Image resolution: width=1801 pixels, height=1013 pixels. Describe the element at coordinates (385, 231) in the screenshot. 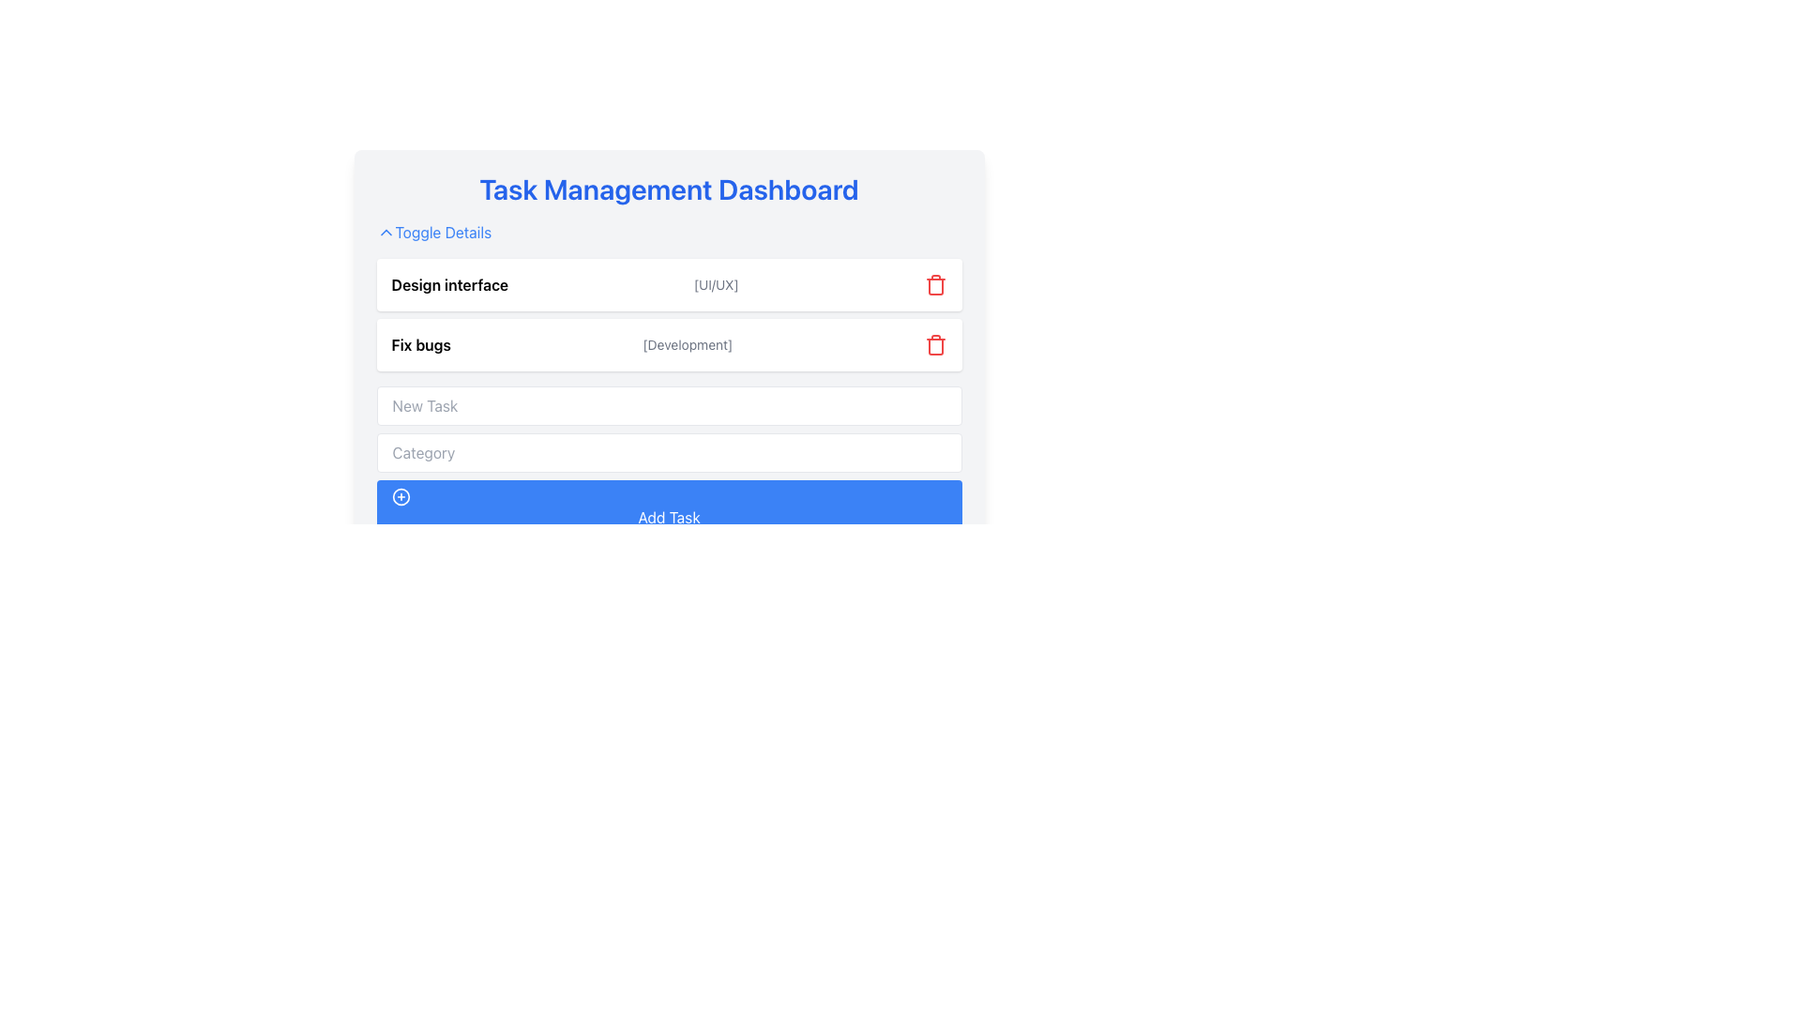

I see `the small blue upward-pointing chevron icon located to the left of the 'Toggle Details' text` at that location.